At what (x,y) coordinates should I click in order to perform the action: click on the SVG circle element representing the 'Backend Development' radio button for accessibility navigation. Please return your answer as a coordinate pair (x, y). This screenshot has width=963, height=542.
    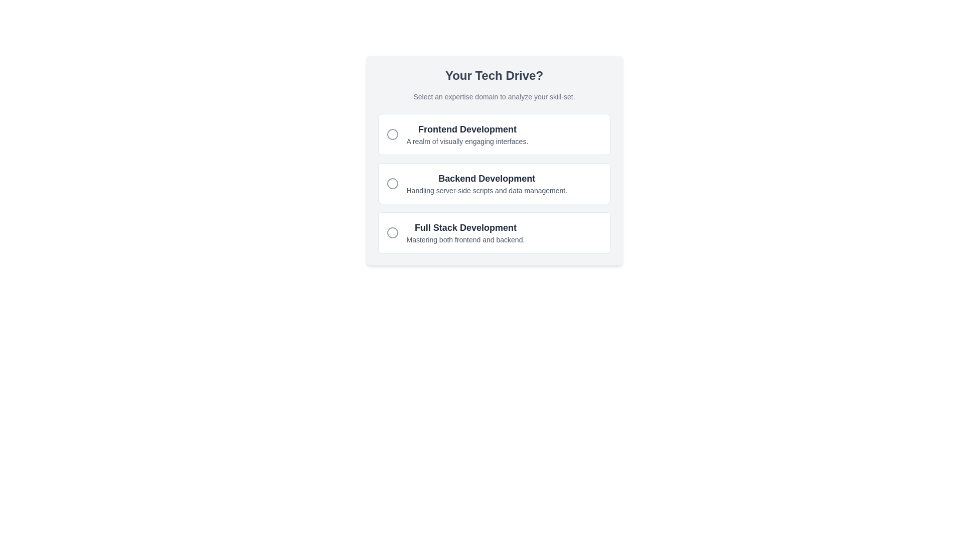
    Looking at the image, I should click on (392, 184).